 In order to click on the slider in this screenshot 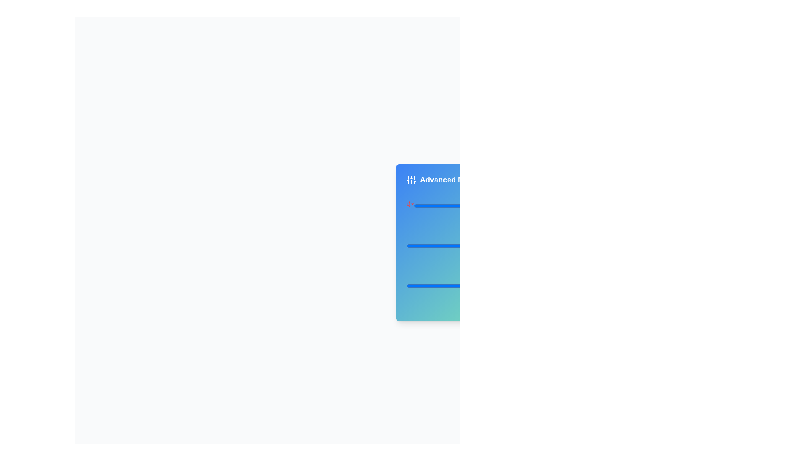, I will do `click(435, 206)`.